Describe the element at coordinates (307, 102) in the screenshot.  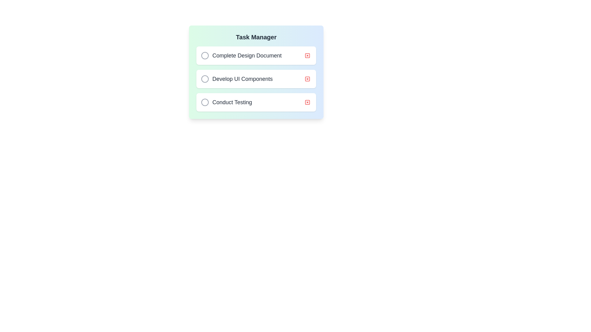
I see `the unfilled checkbox visual element located inside the button group of the 'Task Manager' list, positioned towards the right end of a task entry` at that location.